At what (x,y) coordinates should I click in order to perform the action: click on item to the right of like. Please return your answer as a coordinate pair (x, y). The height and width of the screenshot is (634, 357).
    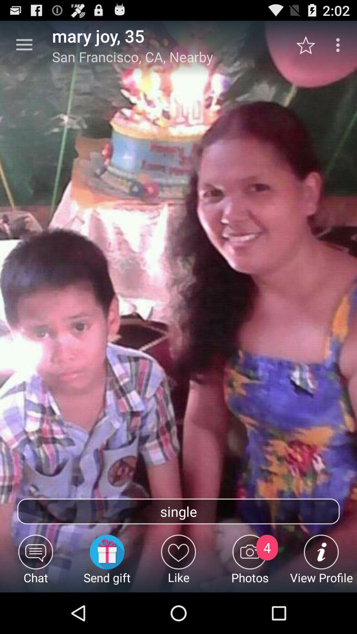
    Looking at the image, I should click on (250, 563).